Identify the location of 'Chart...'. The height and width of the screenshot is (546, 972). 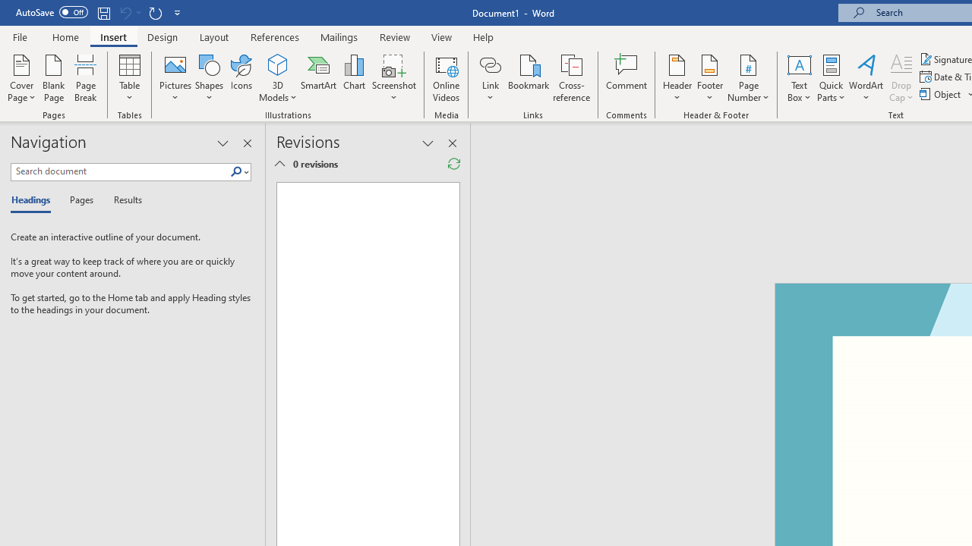
(353, 78).